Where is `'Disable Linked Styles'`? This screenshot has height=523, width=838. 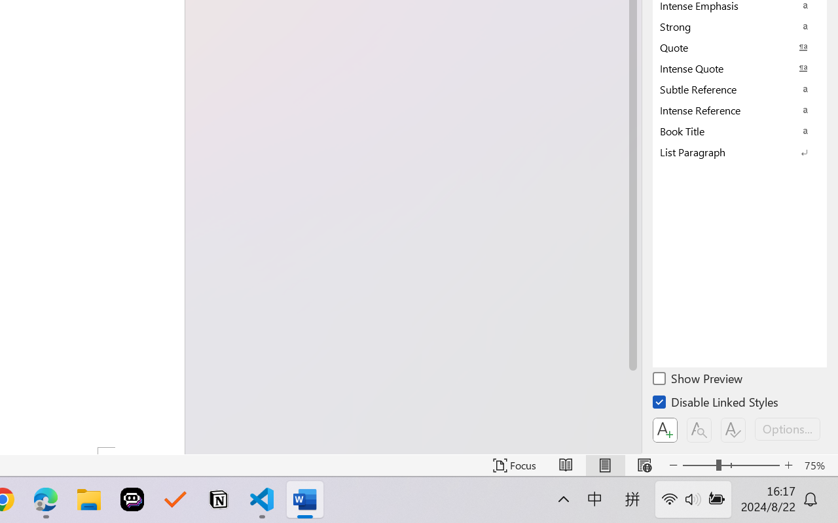
'Disable Linked Styles' is located at coordinates (716, 404).